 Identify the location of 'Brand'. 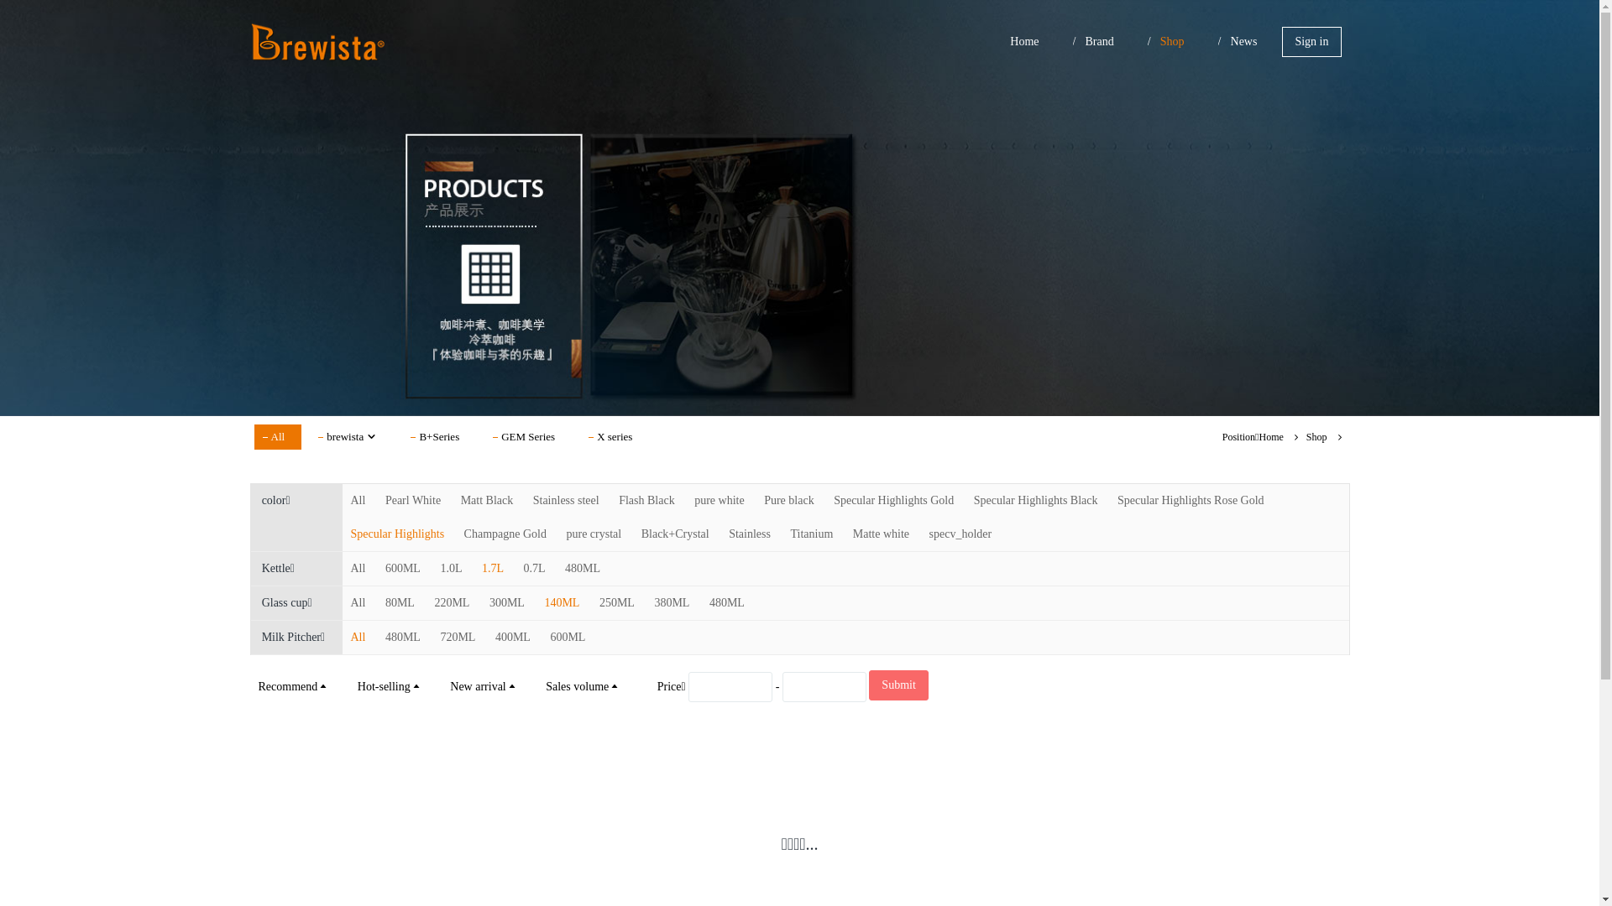
(1100, 41).